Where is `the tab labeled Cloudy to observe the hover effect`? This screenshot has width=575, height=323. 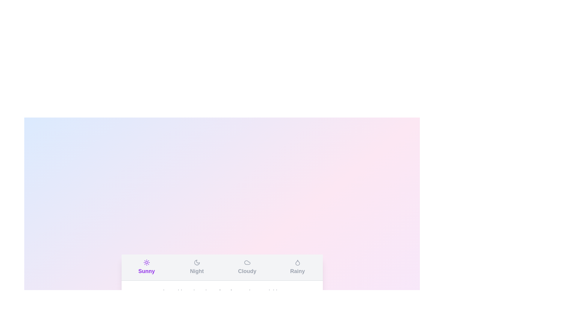
the tab labeled Cloudy to observe the hover effect is located at coordinates (247, 267).